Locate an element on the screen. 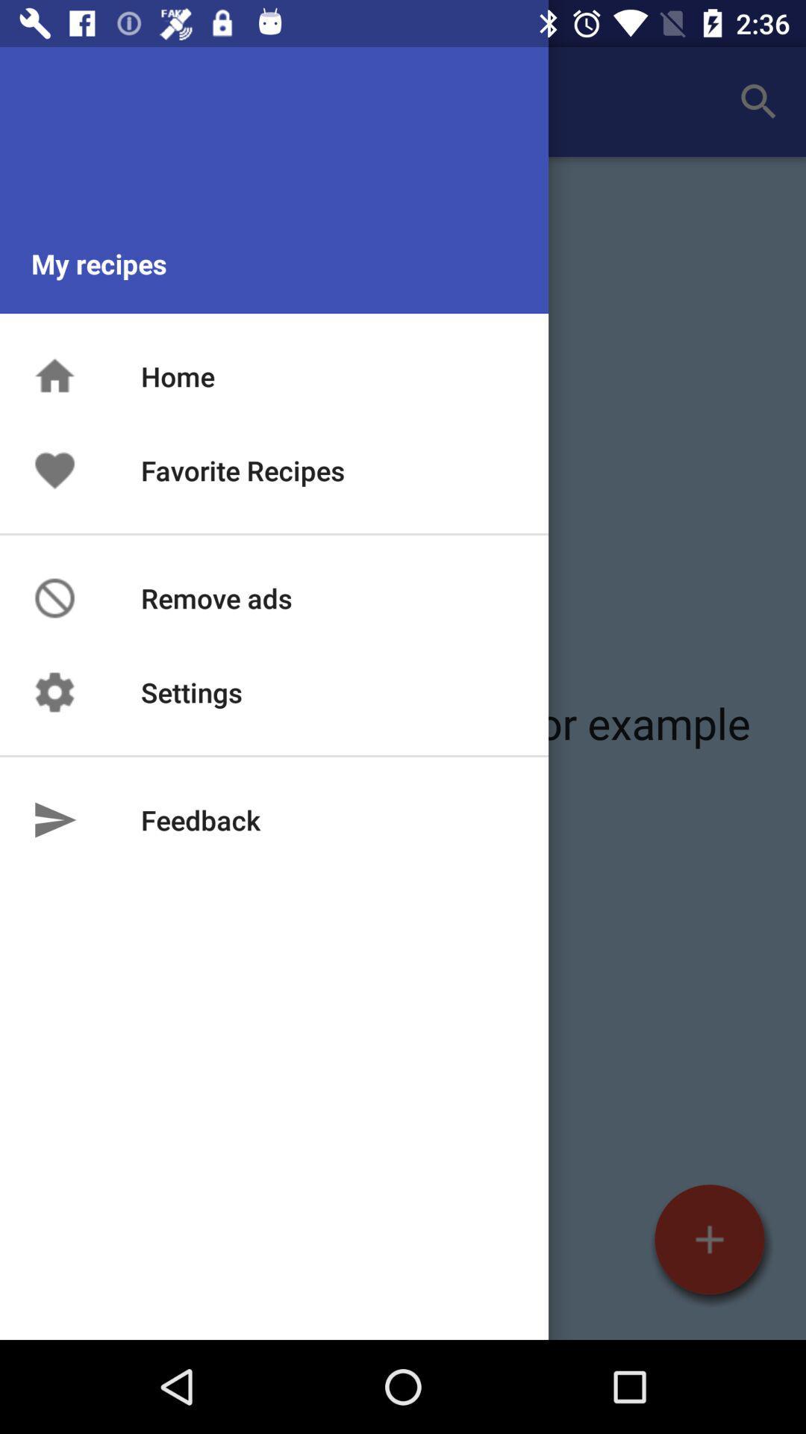 The width and height of the screenshot is (806, 1434). the add icon is located at coordinates (709, 1239).